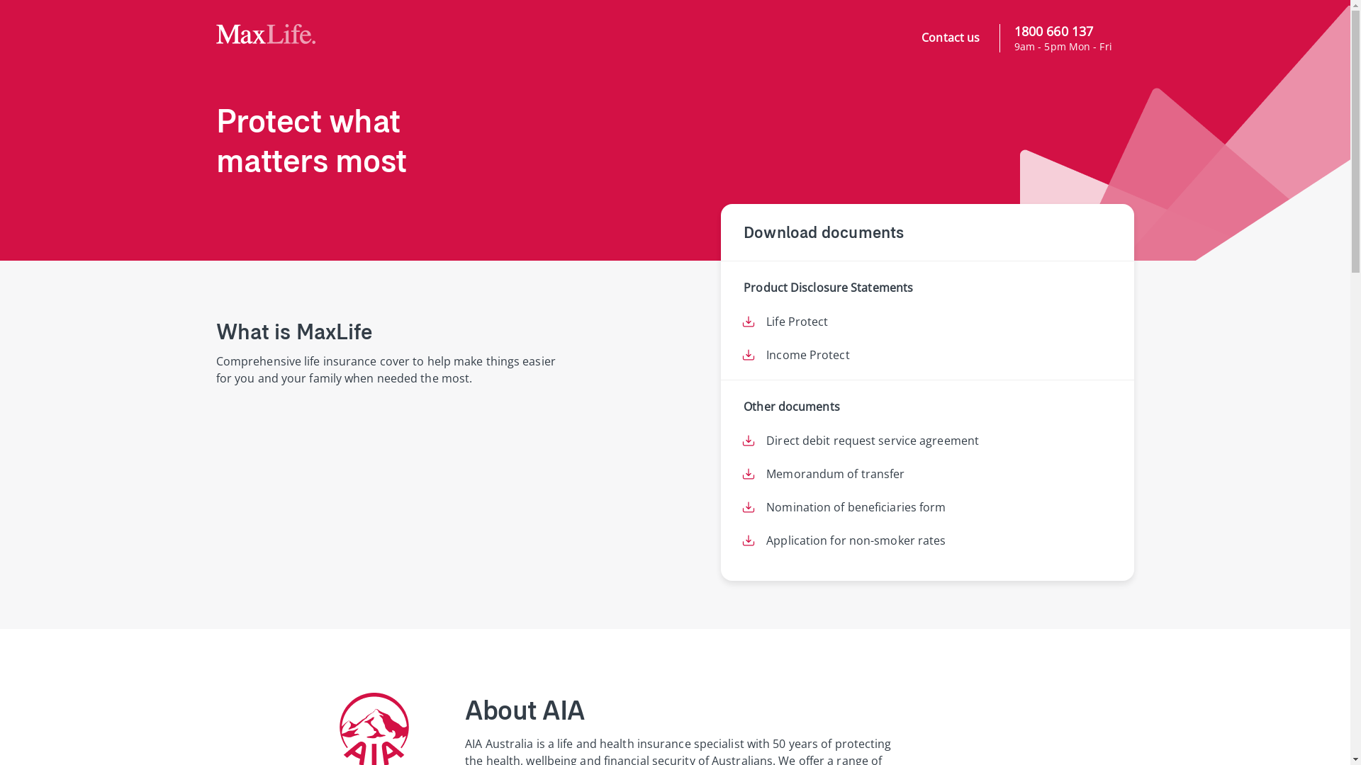 This screenshot has height=765, width=1361. What do you see at coordinates (835, 473) in the screenshot?
I see `'Memorandum of transfer'` at bounding box center [835, 473].